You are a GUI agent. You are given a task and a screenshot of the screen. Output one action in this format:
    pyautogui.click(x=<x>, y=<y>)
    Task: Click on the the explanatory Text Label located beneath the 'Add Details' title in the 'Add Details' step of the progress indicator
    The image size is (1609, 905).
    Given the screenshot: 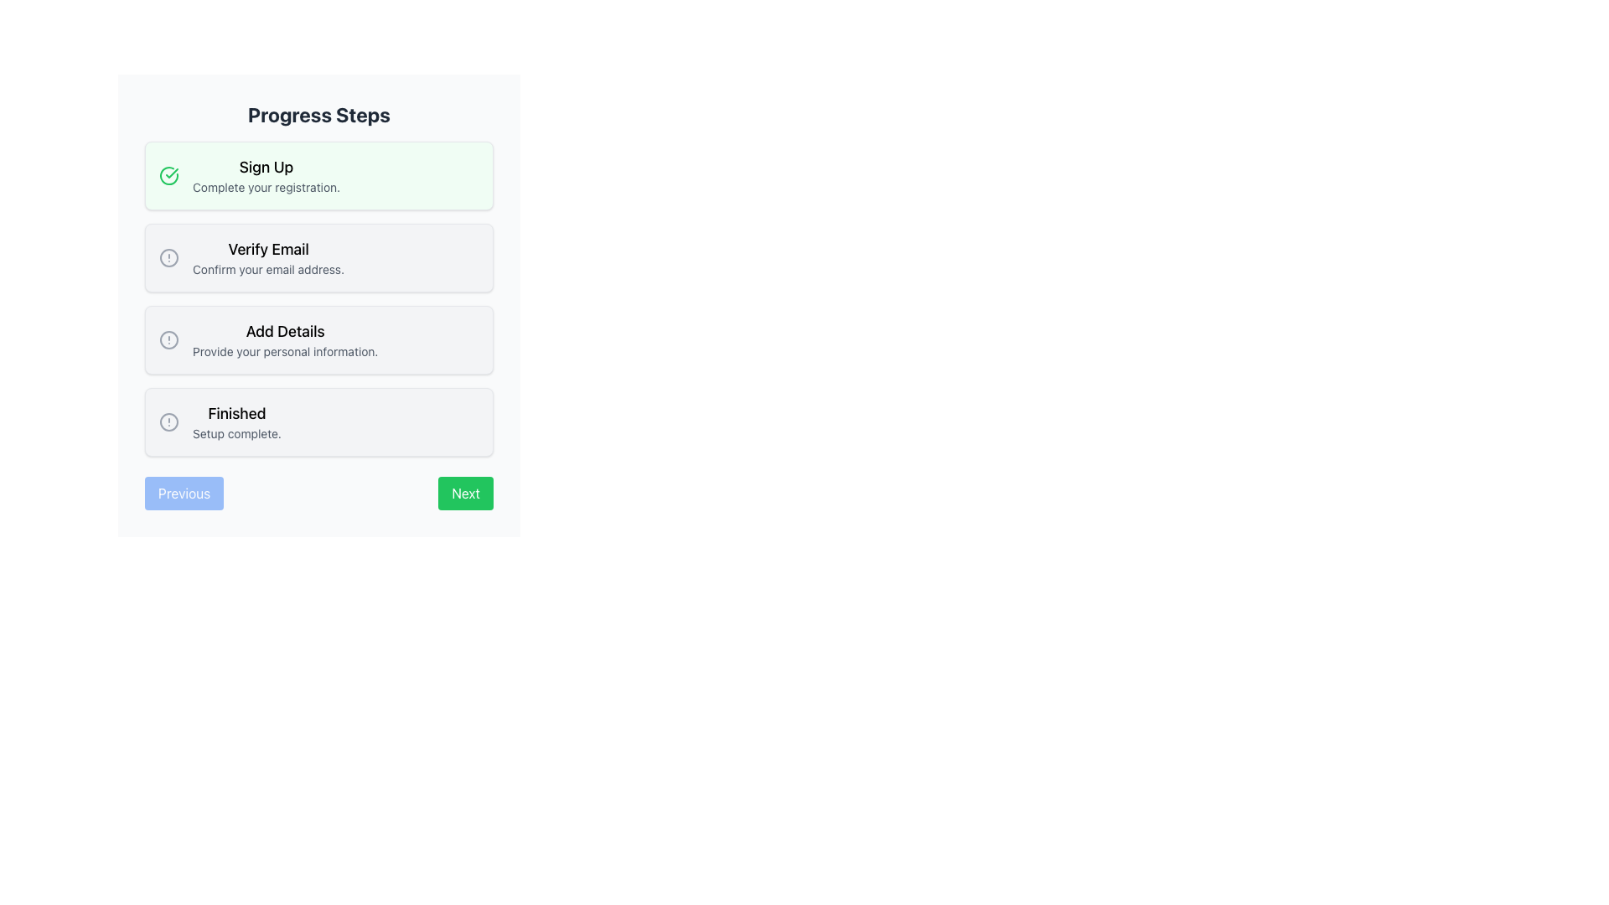 What is the action you would take?
    pyautogui.click(x=285, y=351)
    